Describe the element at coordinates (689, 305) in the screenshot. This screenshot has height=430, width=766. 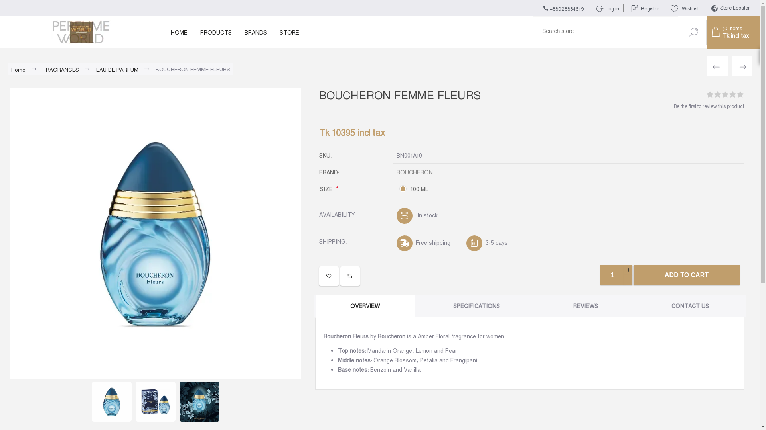
I see `'CONTACT US'` at that location.